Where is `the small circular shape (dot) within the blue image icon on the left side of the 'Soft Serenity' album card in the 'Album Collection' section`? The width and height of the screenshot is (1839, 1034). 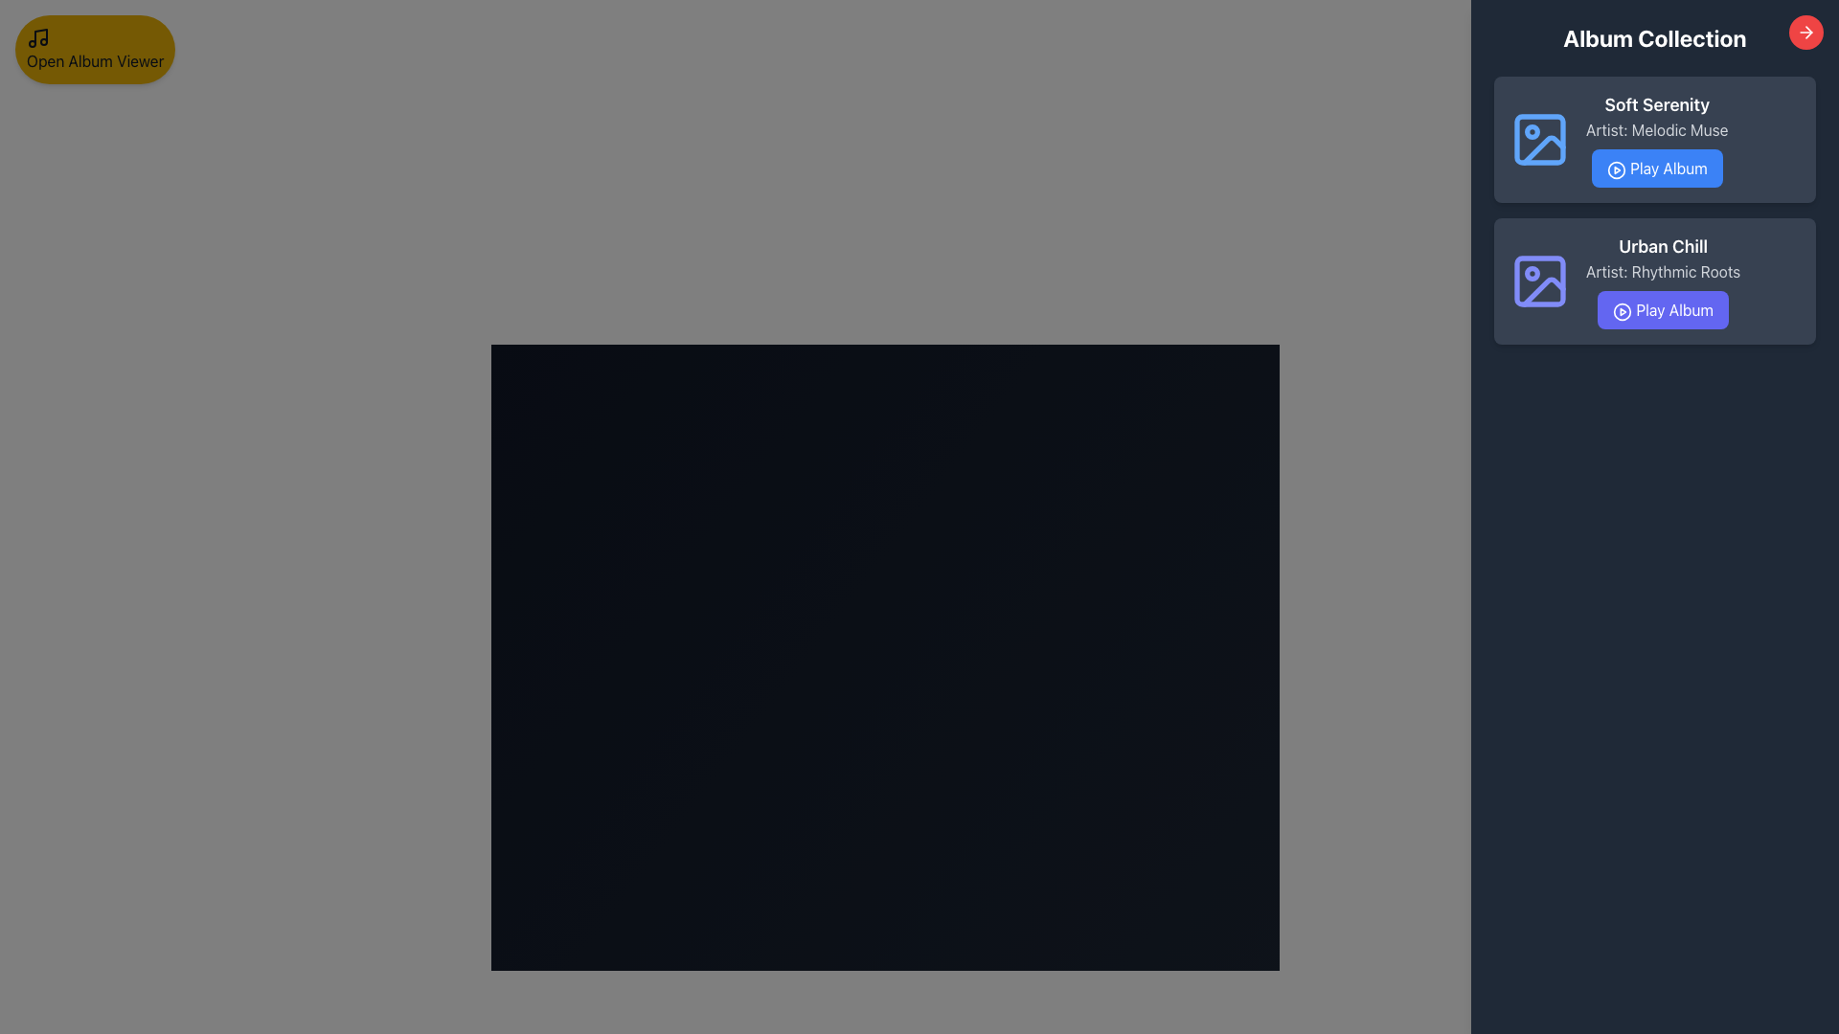
the small circular shape (dot) within the blue image icon on the left side of the 'Soft Serenity' album card in the 'Album Collection' section is located at coordinates (1531, 131).